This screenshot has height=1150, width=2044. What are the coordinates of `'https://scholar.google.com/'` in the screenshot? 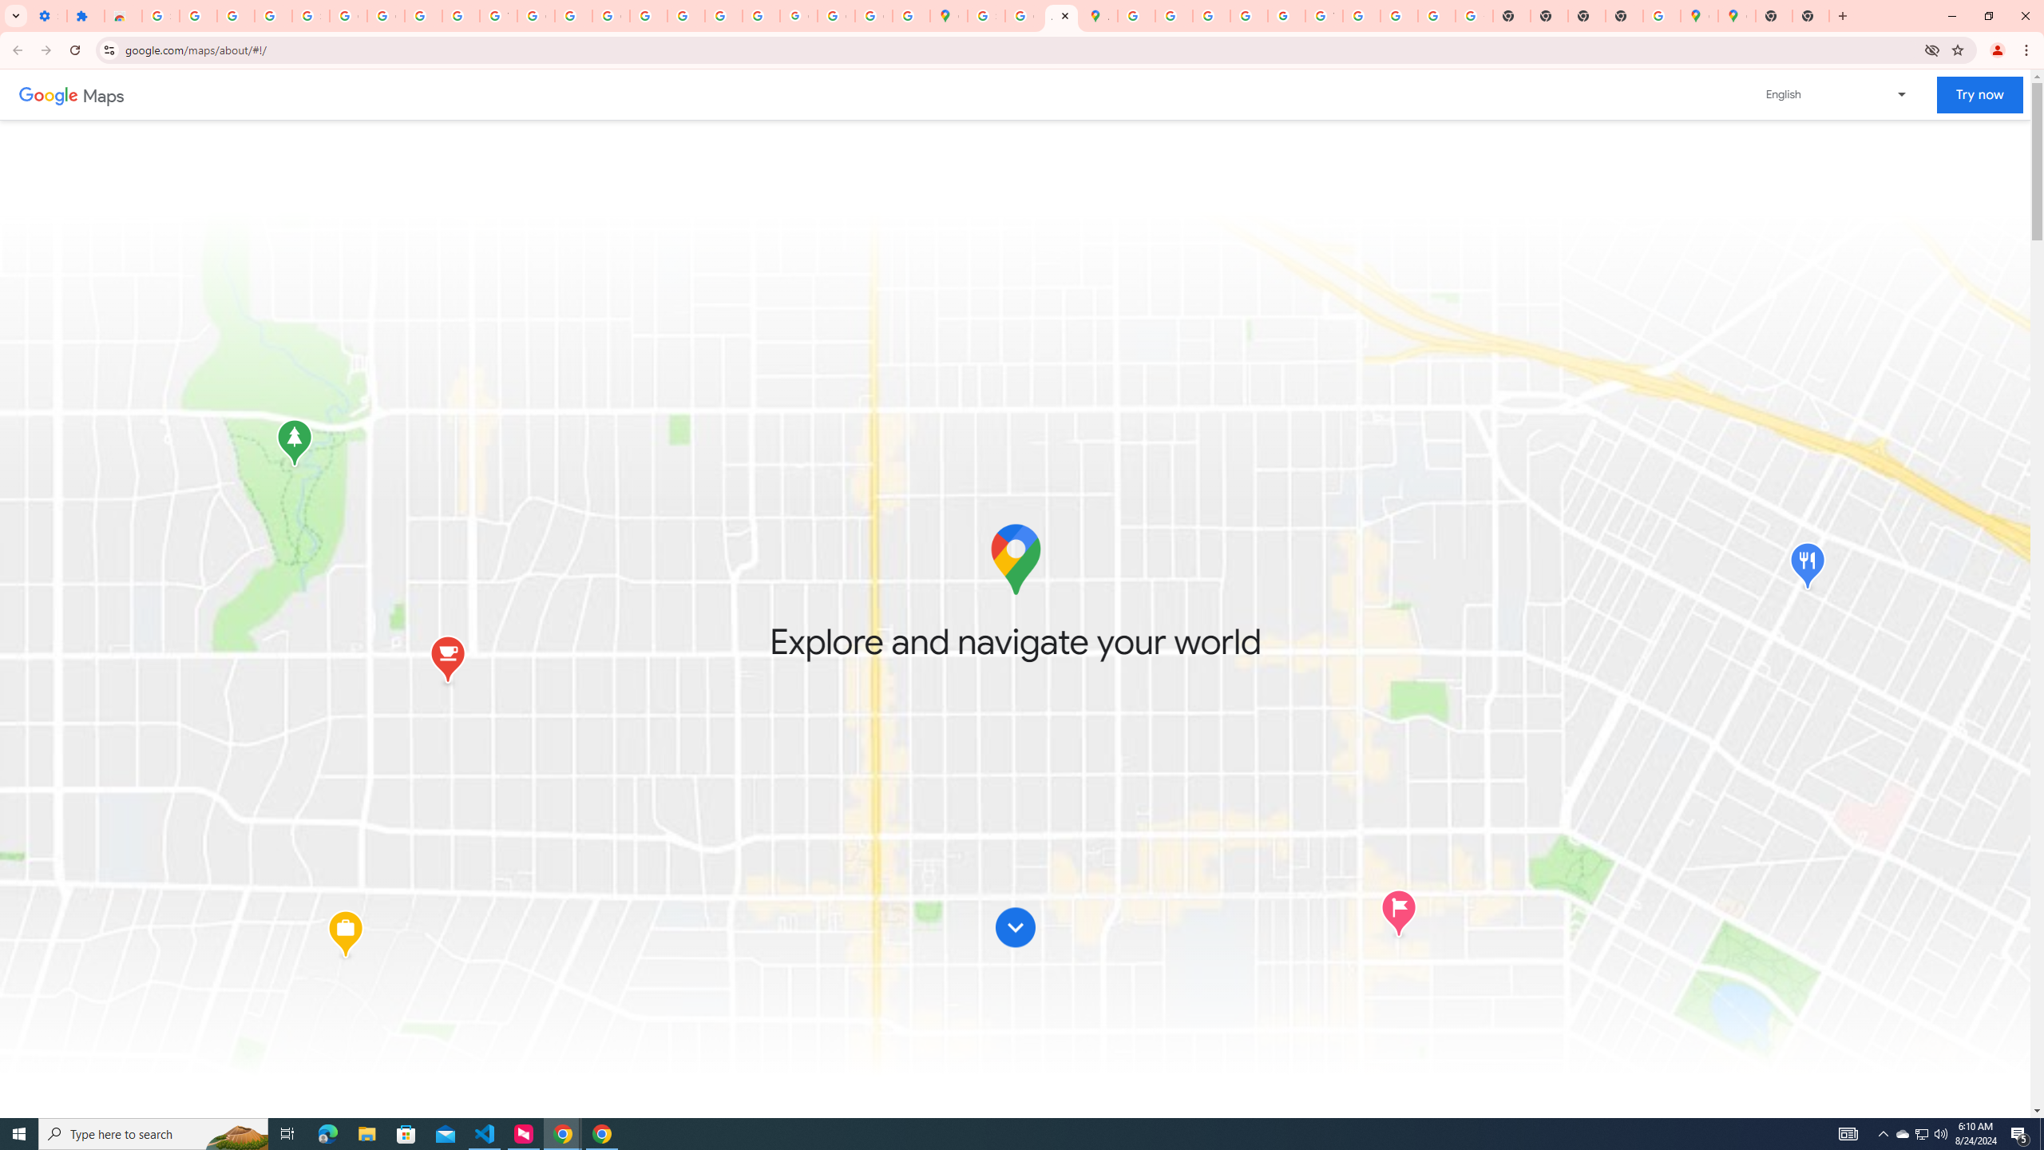 It's located at (572, 15).